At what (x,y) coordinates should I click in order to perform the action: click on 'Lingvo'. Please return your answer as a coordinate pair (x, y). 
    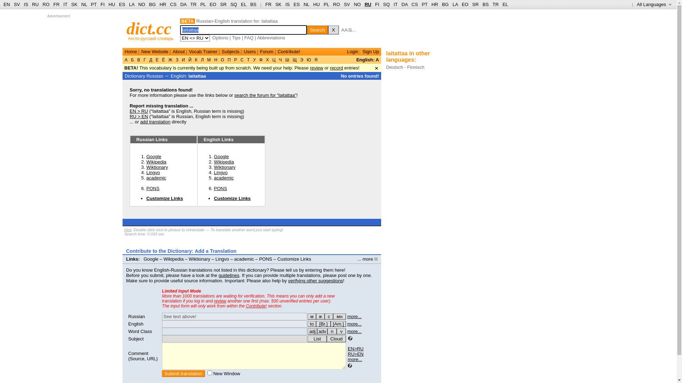
    Looking at the image, I should click on (220, 172).